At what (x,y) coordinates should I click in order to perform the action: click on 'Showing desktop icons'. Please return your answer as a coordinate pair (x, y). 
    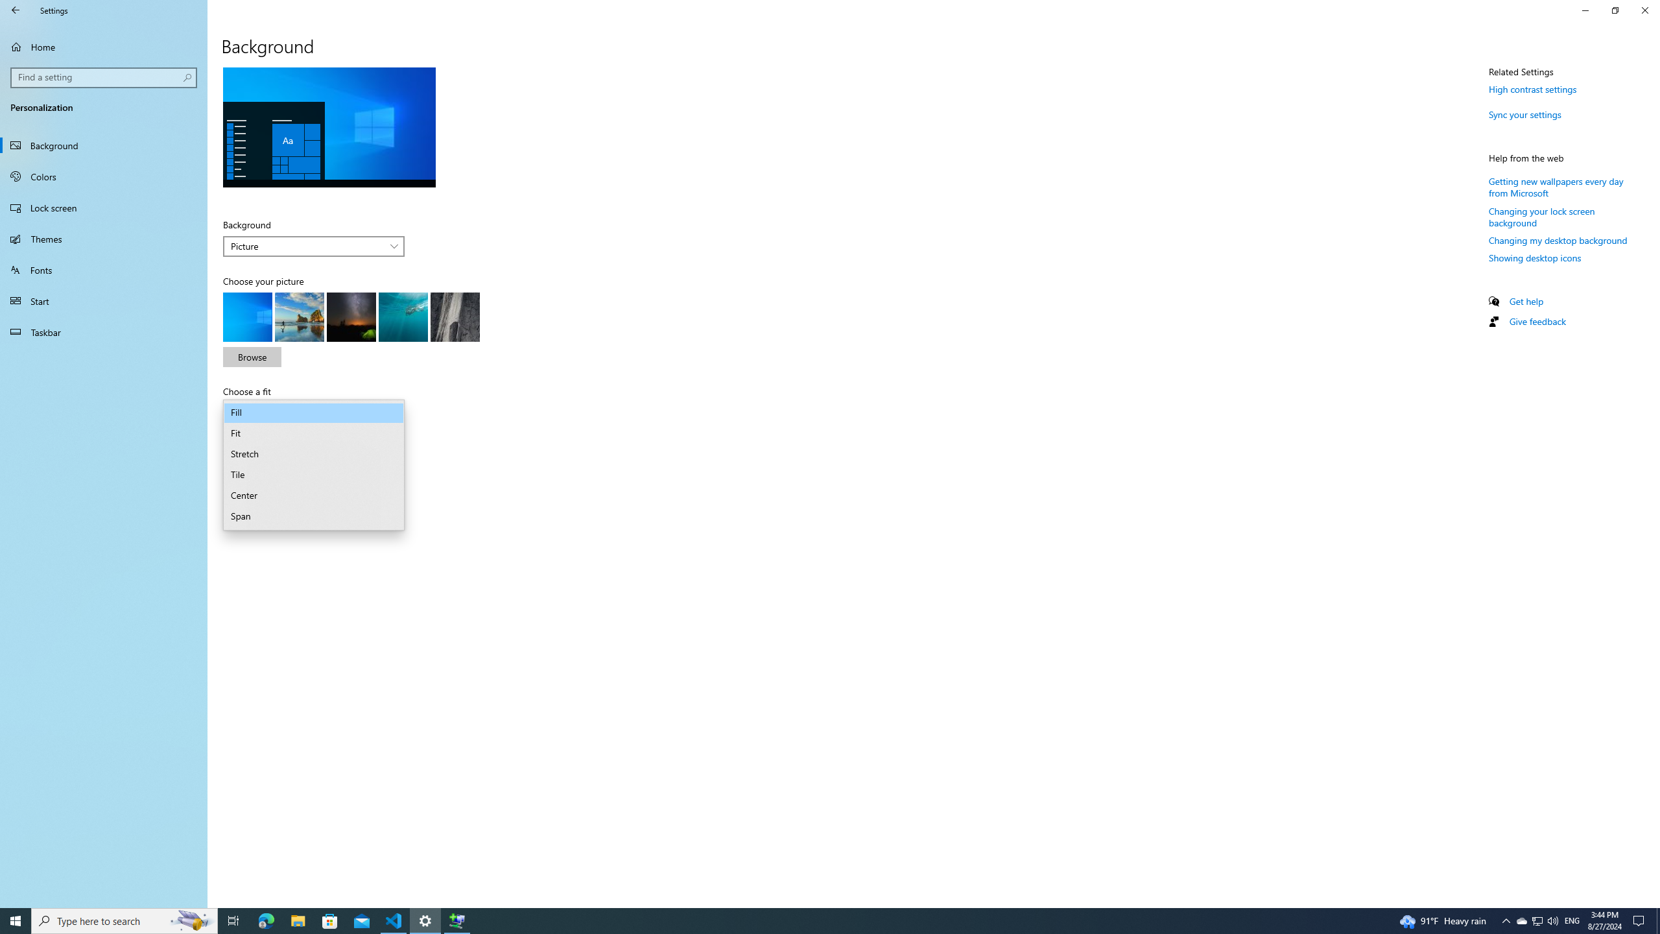
    Looking at the image, I should click on (1535, 257).